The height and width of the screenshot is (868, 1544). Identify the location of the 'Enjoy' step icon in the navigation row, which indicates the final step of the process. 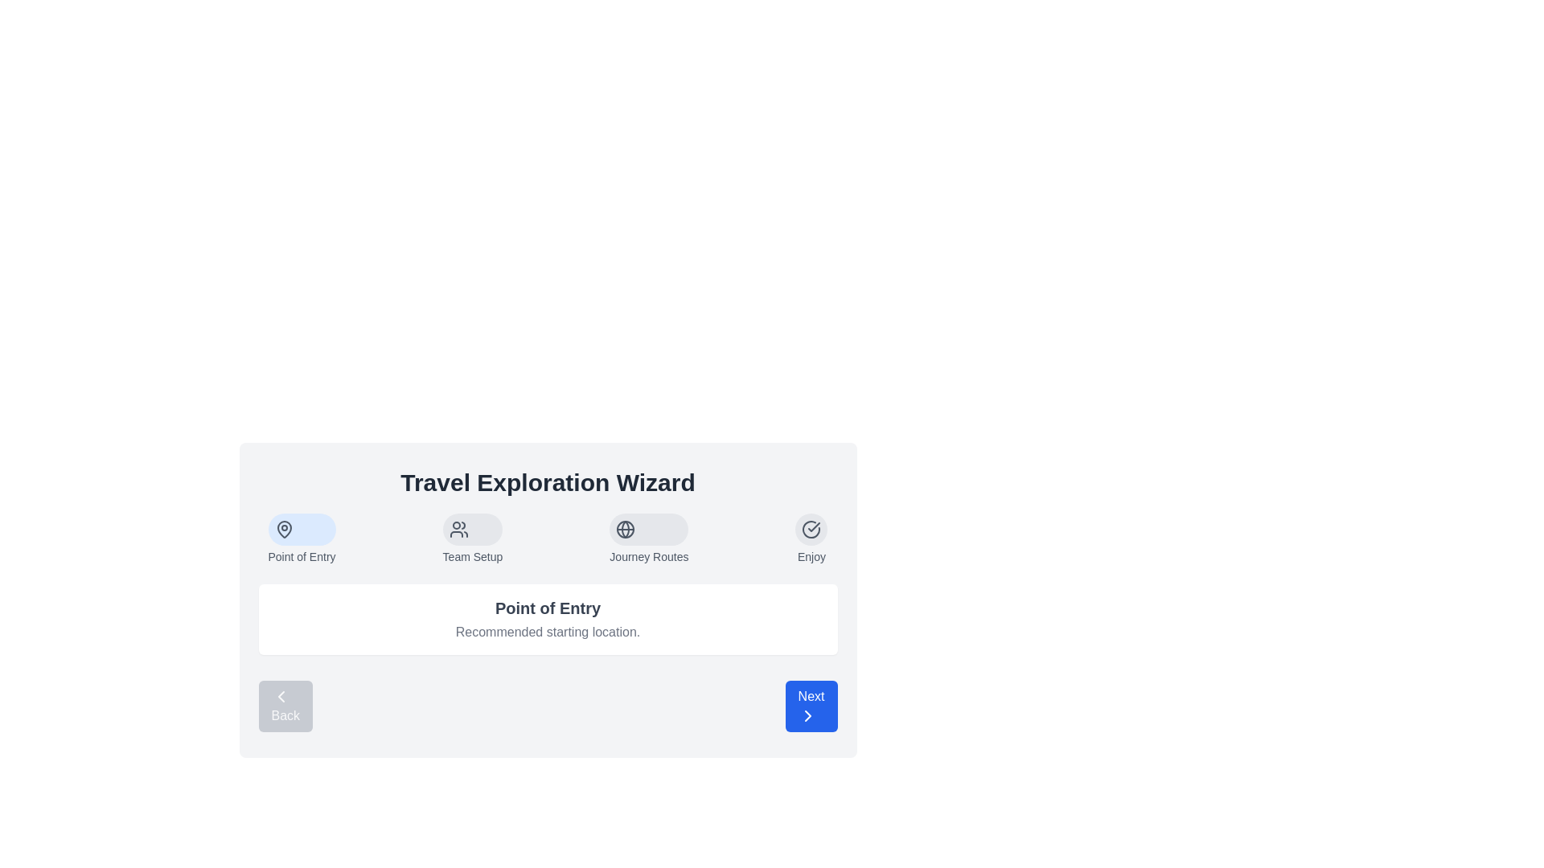
(811, 530).